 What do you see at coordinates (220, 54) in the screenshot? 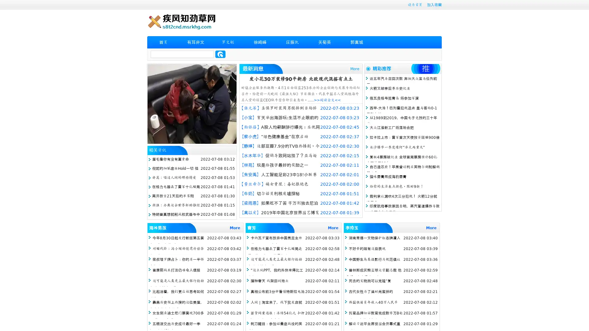
I see `Search` at bounding box center [220, 54].